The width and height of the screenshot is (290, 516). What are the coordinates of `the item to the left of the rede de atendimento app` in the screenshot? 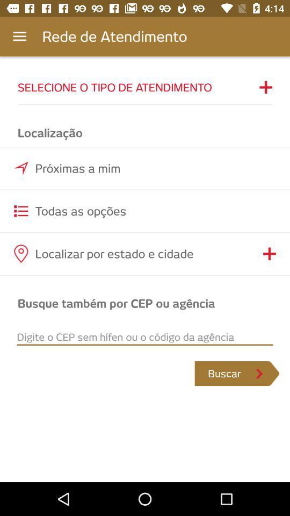 It's located at (19, 37).